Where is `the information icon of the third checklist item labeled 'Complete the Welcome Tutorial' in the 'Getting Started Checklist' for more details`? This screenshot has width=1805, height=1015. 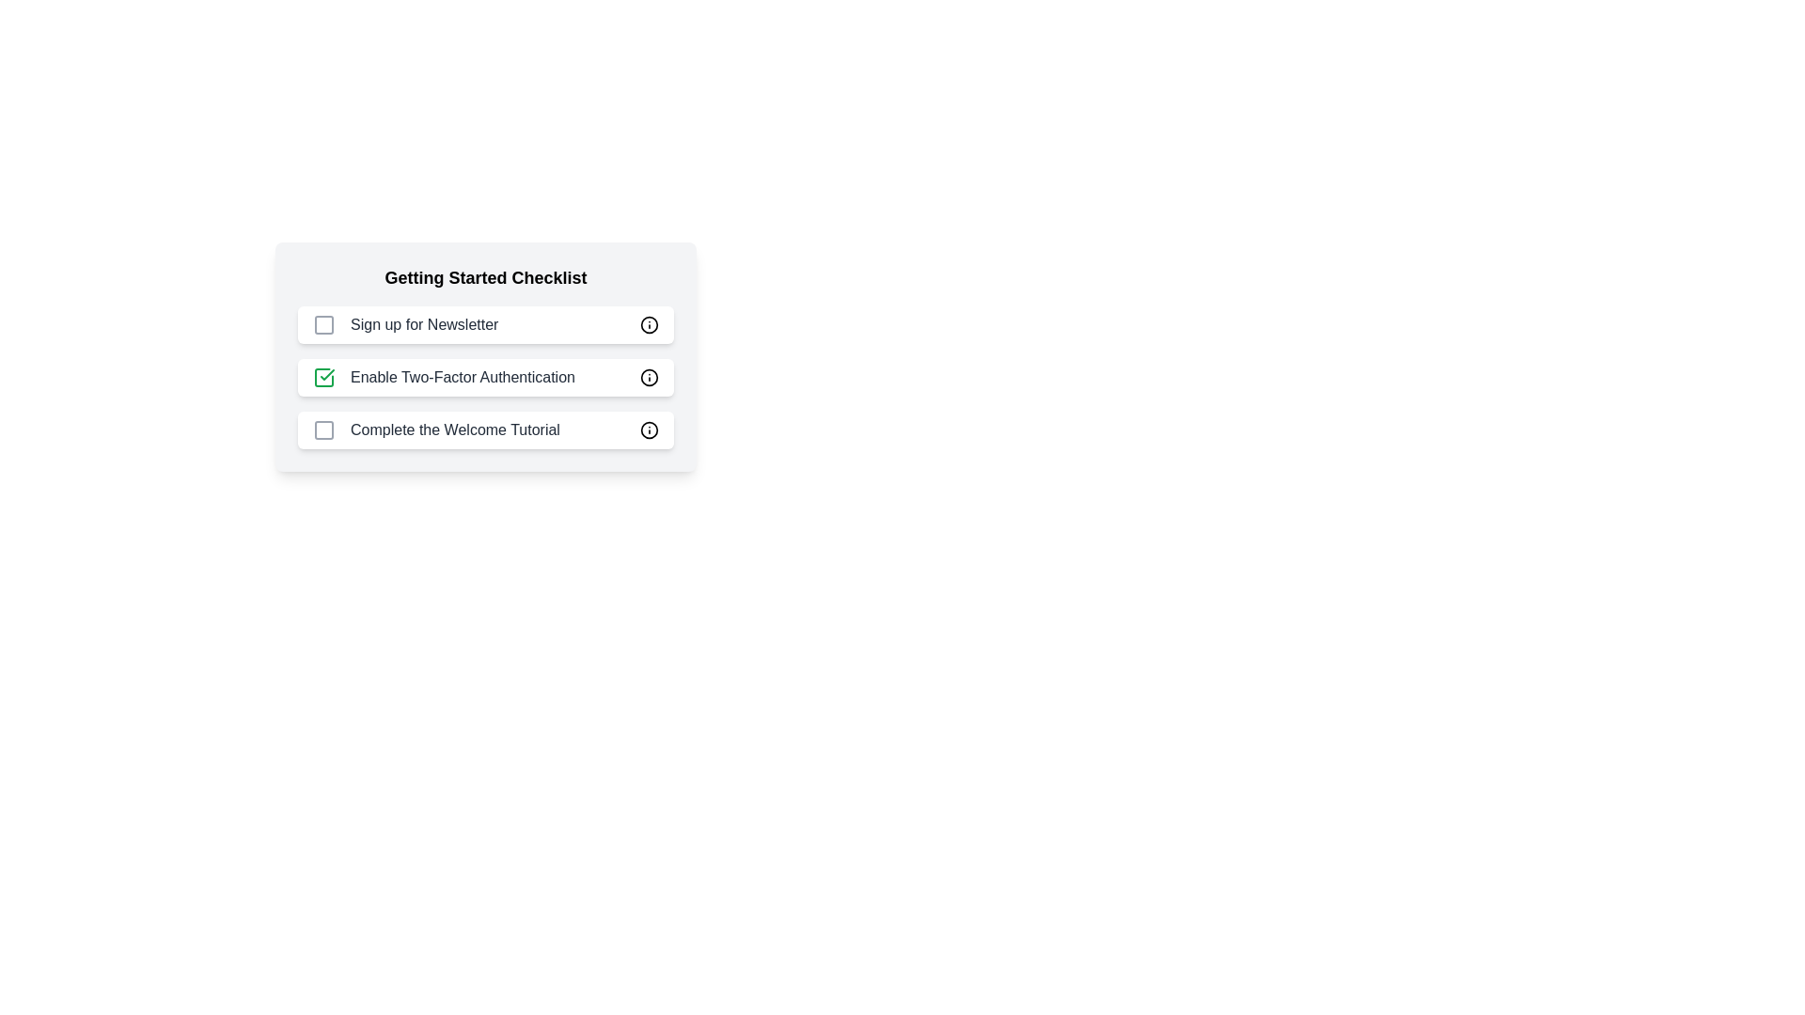
the information icon of the third checklist item labeled 'Complete the Welcome Tutorial' in the 'Getting Started Checklist' for more details is located at coordinates (486, 430).